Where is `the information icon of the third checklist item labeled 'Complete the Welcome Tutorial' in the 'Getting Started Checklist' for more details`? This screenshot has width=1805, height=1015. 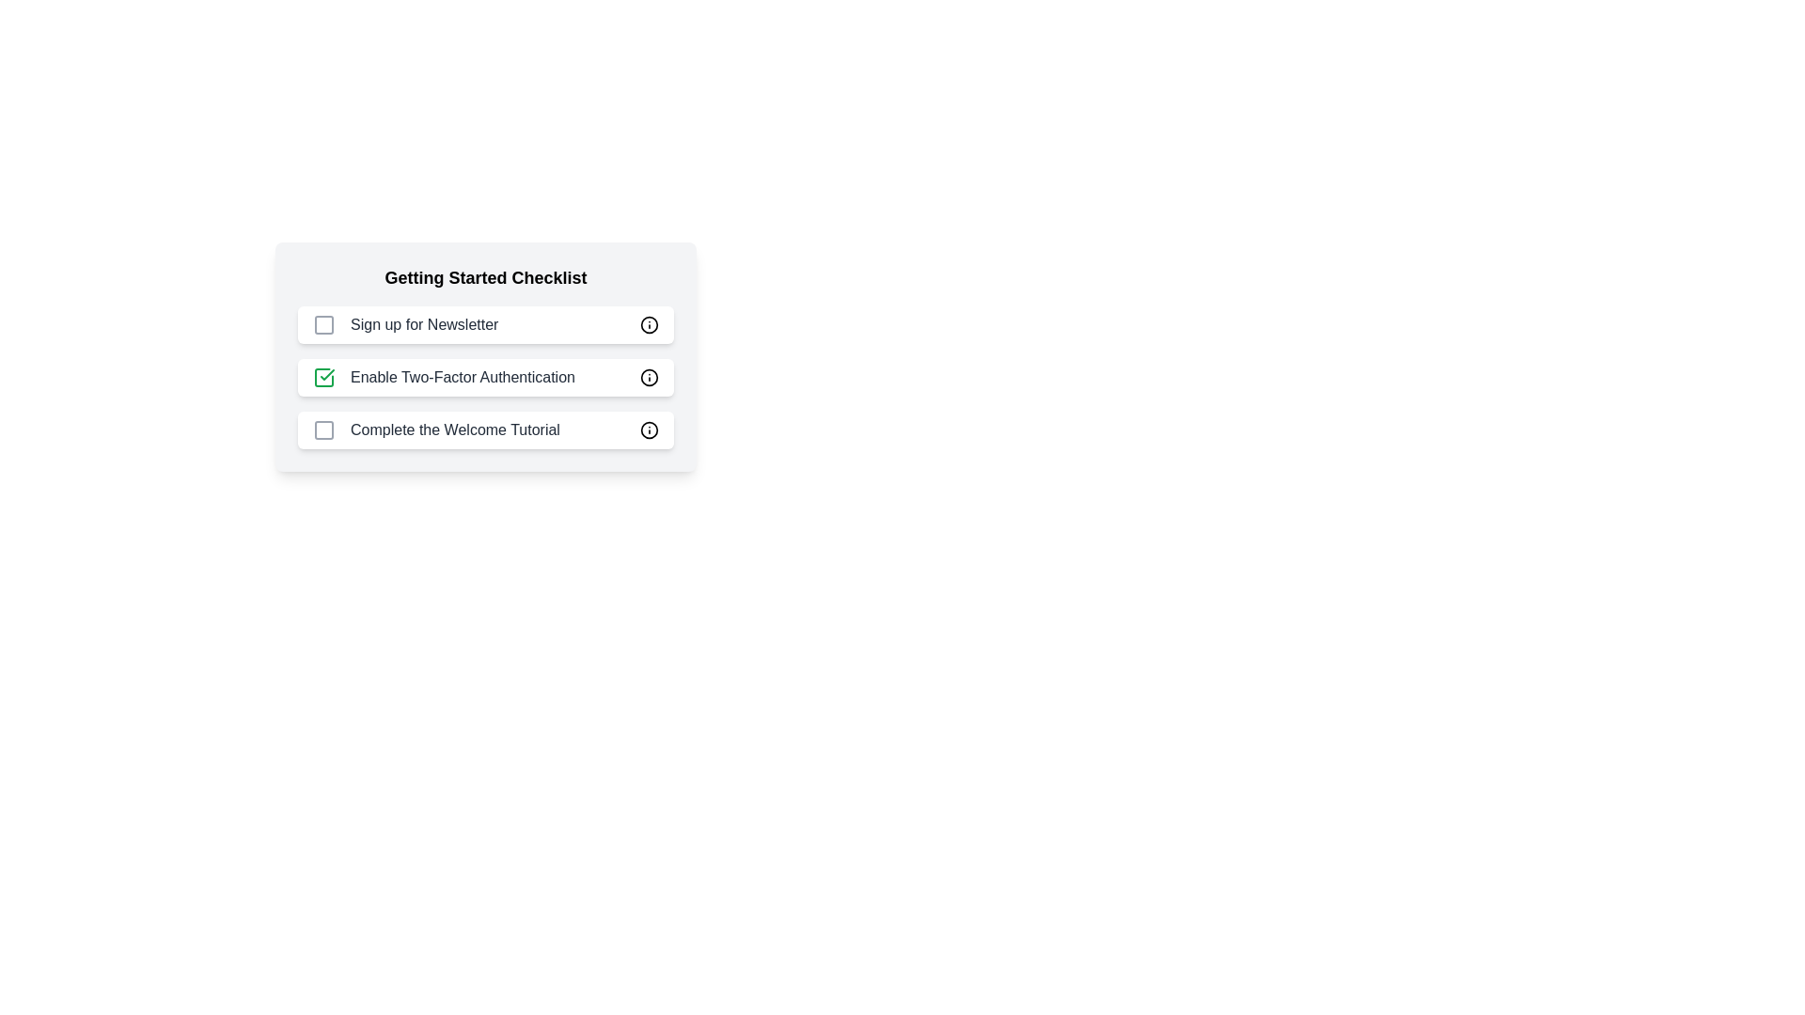
the information icon of the third checklist item labeled 'Complete the Welcome Tutorial' in the 'Getting Started Checklist' for more details is located at coordinates (486, 430).